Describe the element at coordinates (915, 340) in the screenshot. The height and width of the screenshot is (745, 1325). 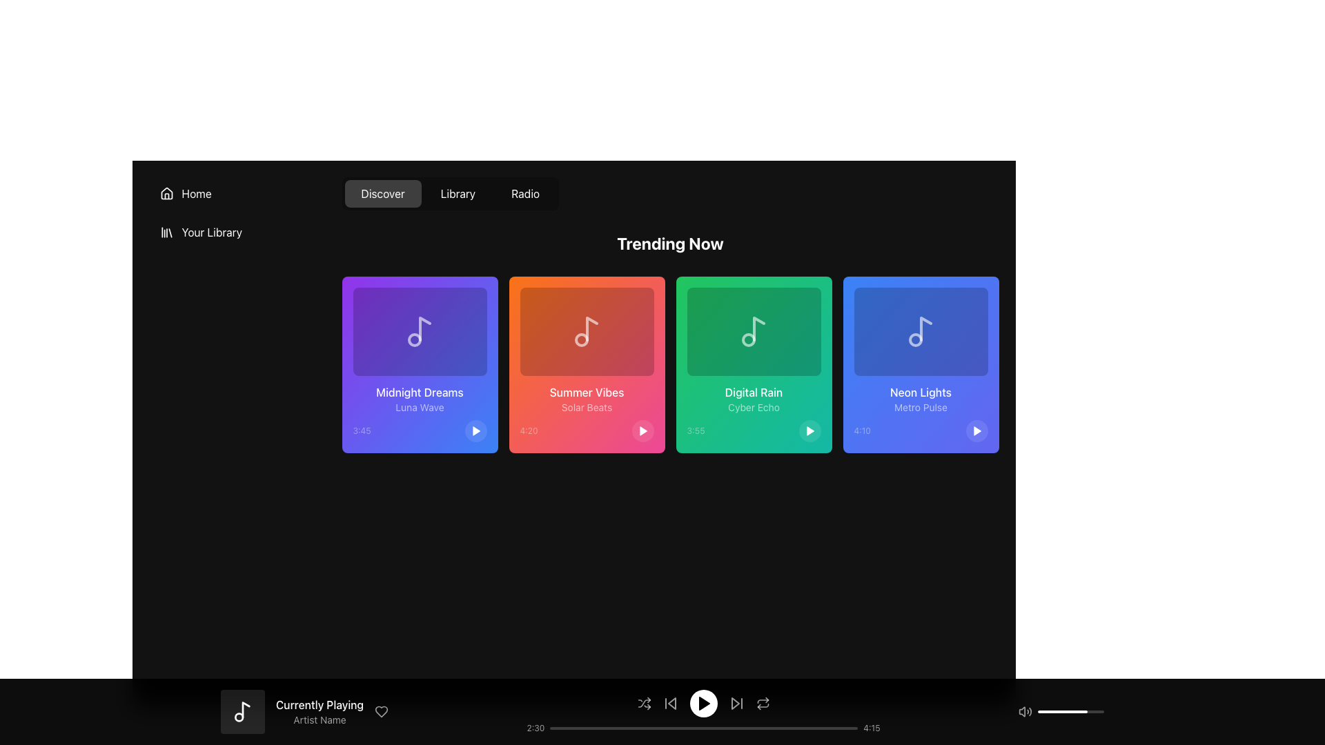
I see `circular SVG element located in the bottom-right quadrant of the music card labeled 'Neon Lights' in the 'Trending Now' section for design details` at that location.